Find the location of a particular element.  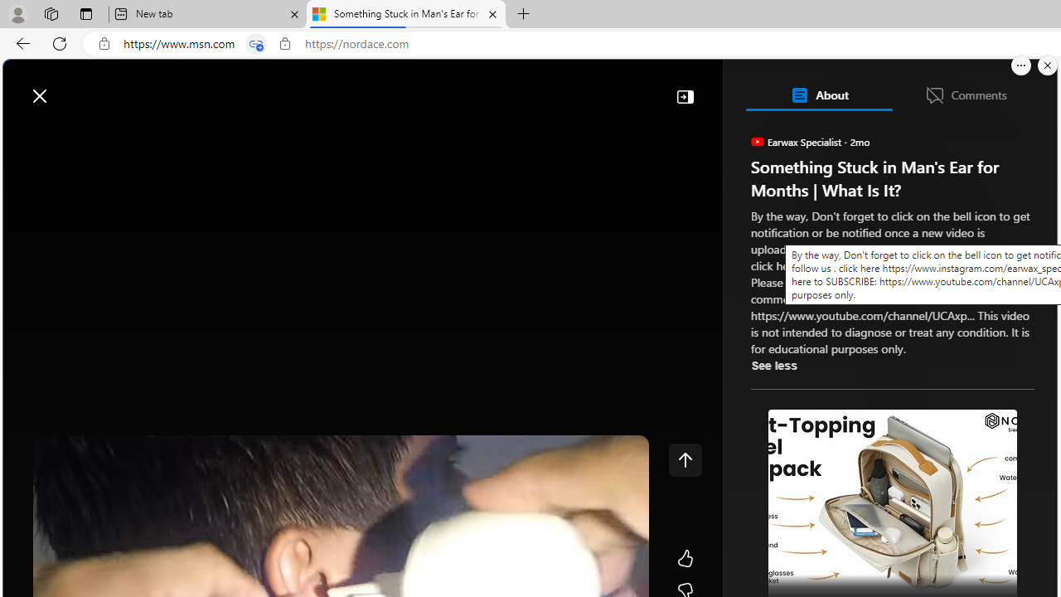

'Earwax Specialist' is located at coordinates (756, 140).